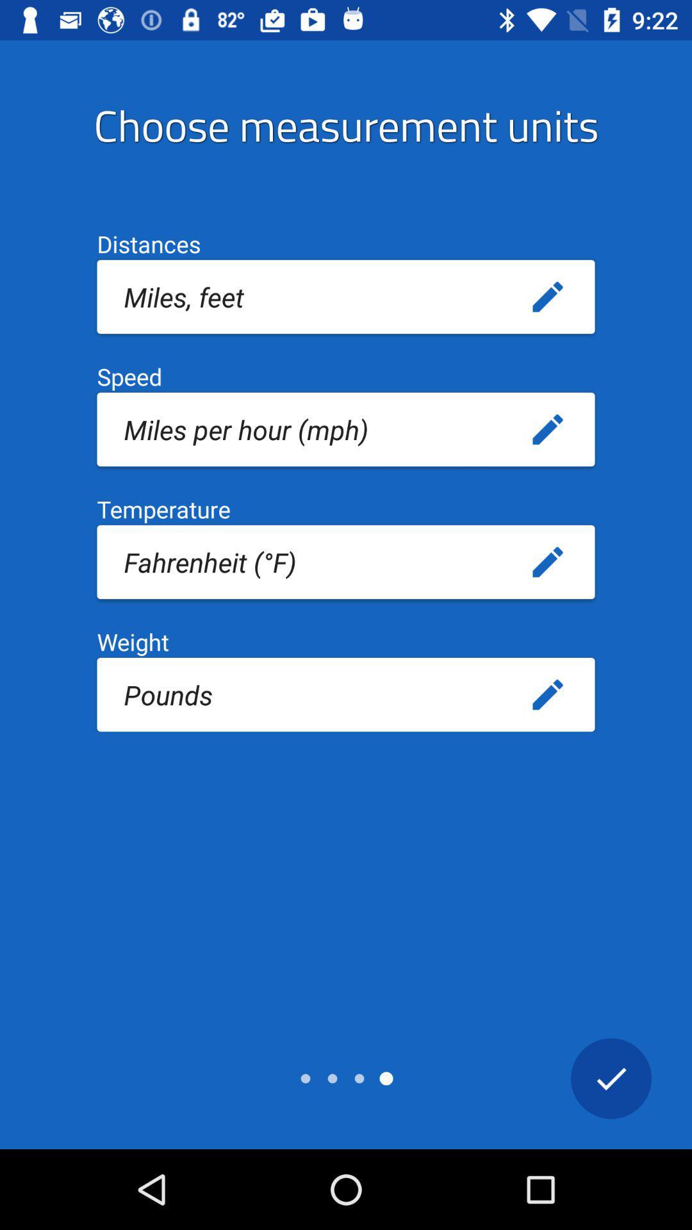  I want to click on the check icon, so click(610, 1078).